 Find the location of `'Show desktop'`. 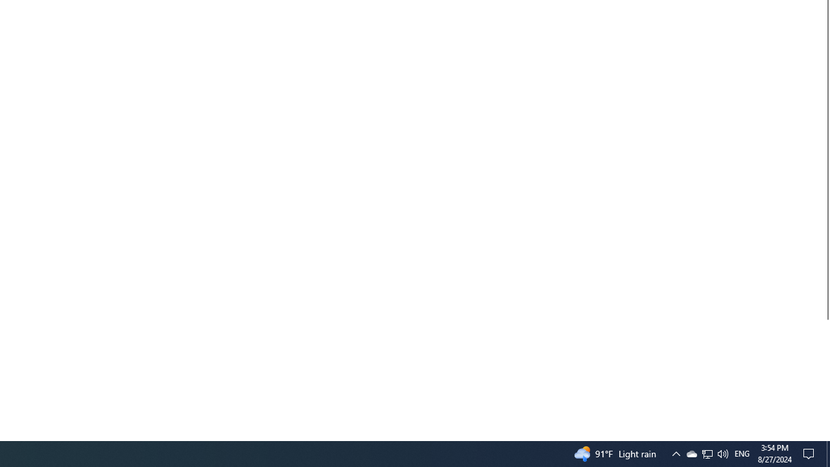

'Show desktop' is located at coordinates (824, 435).